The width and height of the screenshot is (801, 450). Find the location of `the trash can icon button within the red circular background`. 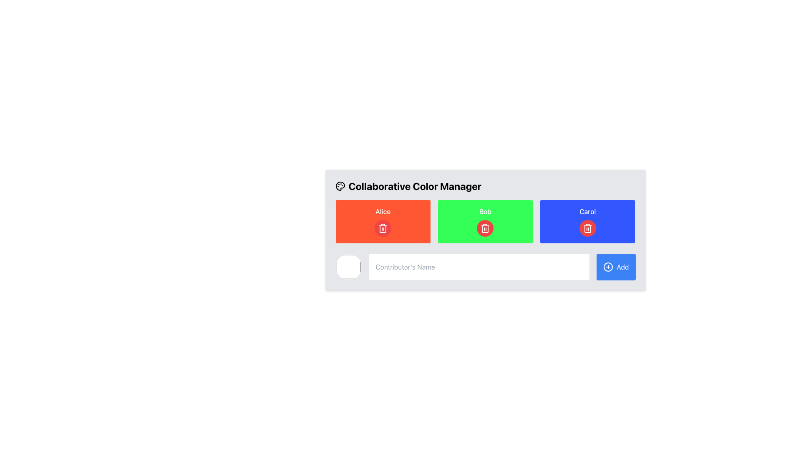

the trash can icon button within the red circular background is located at coordinates (383, 228).